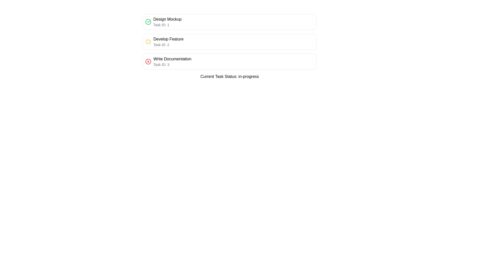 Image resolution: width=490 pixels, height=275 pixels. I want to click on the loading spinner animation indicating the ongoing process for the 'Develop Feature' task (Task ID: 2) to monitor task progress, so click(148, 42).